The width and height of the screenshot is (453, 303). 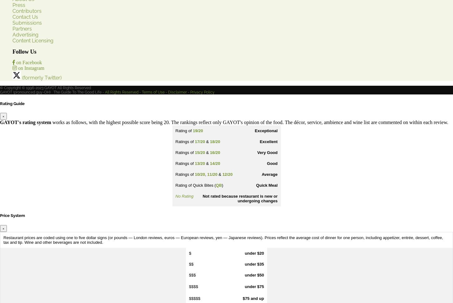 What do you see at coordinates (12, 106) in the screenshot?
I see `'Latest Articles'` at bounding box center [12, 106].